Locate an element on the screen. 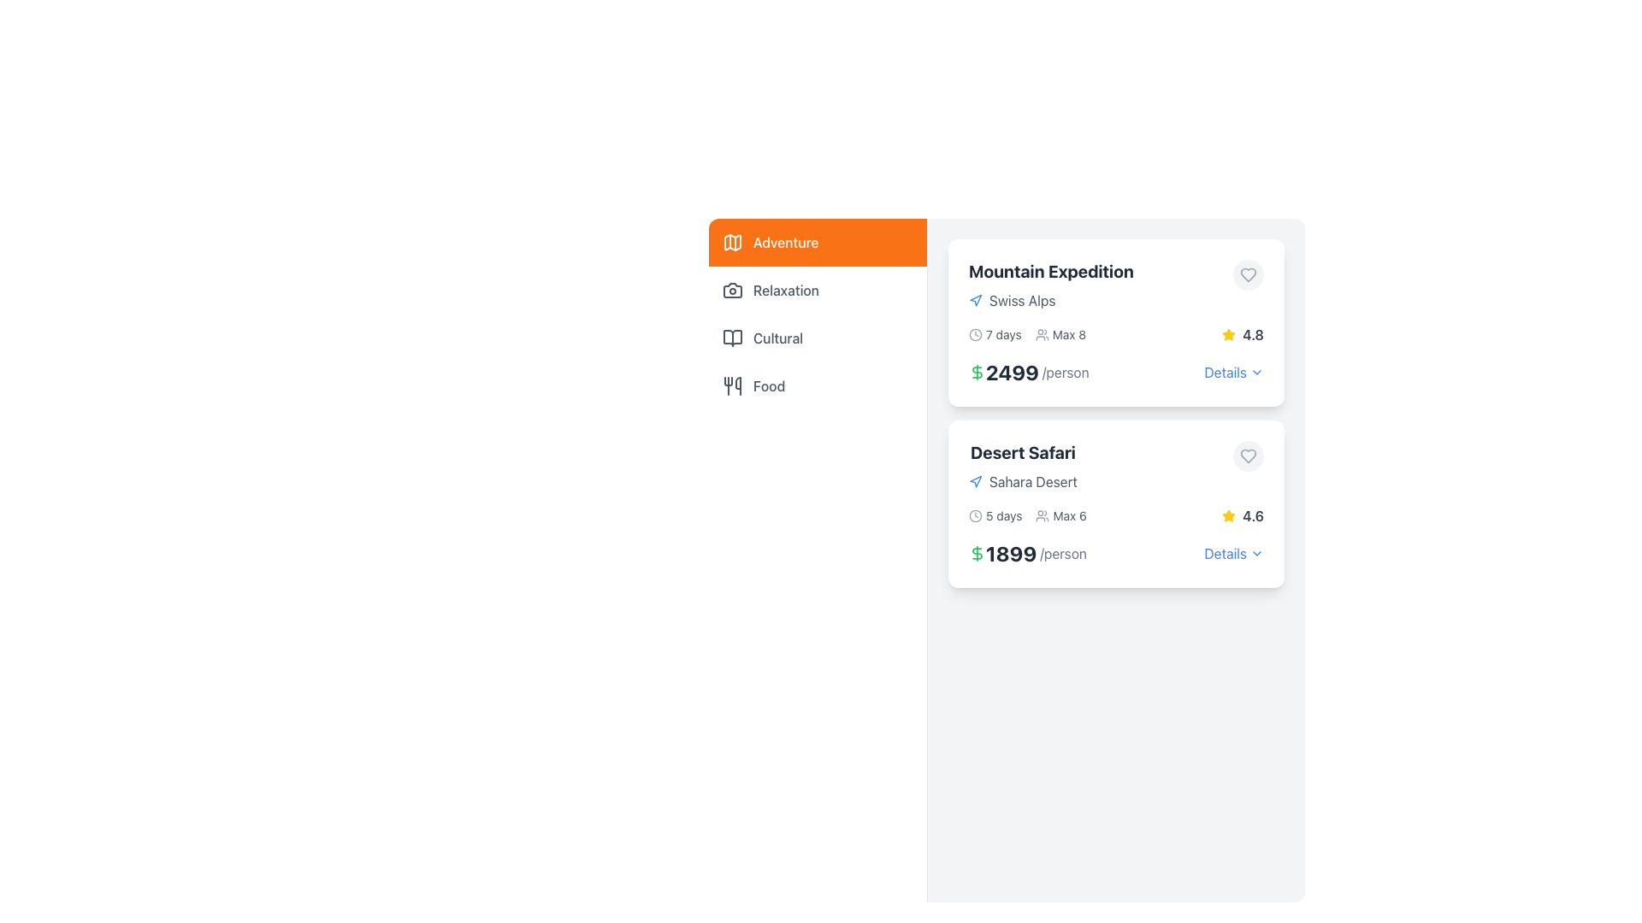  the Informational Text Block titled 'Desert Safari' which includes a smaller descriptive text 'Sahara Desert' and a navigation icon to the left is located at coordinates (1023, 467).